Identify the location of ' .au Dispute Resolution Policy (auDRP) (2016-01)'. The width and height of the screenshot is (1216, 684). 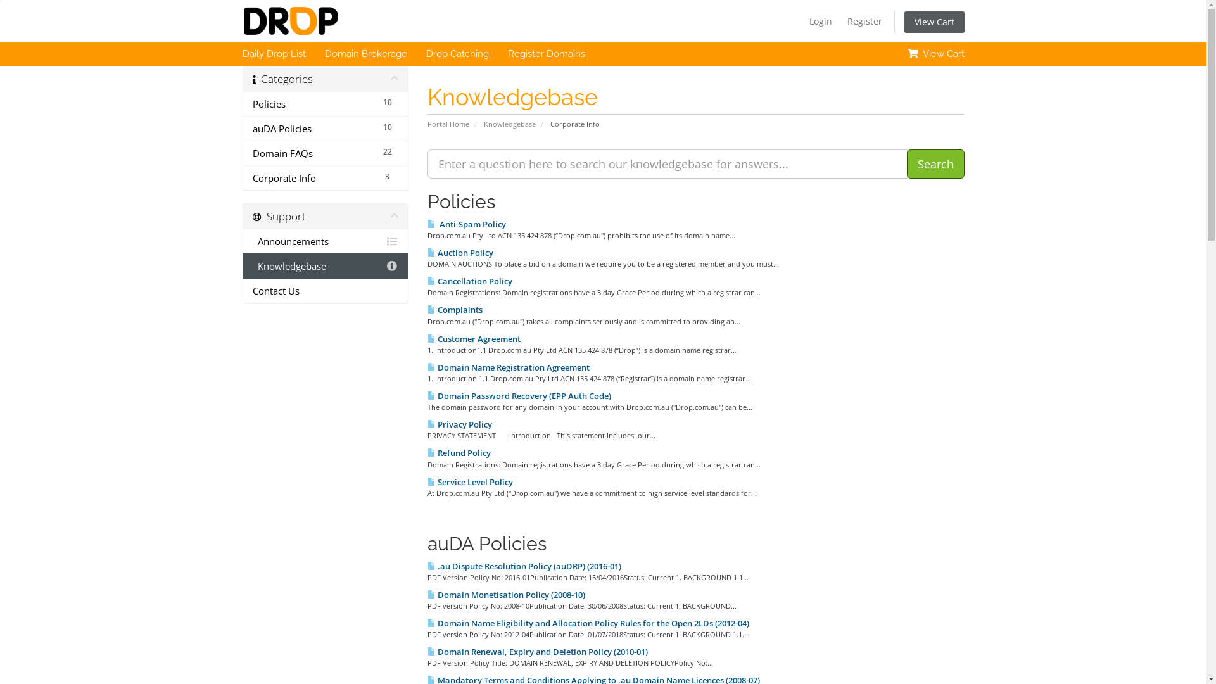
(524, 566).